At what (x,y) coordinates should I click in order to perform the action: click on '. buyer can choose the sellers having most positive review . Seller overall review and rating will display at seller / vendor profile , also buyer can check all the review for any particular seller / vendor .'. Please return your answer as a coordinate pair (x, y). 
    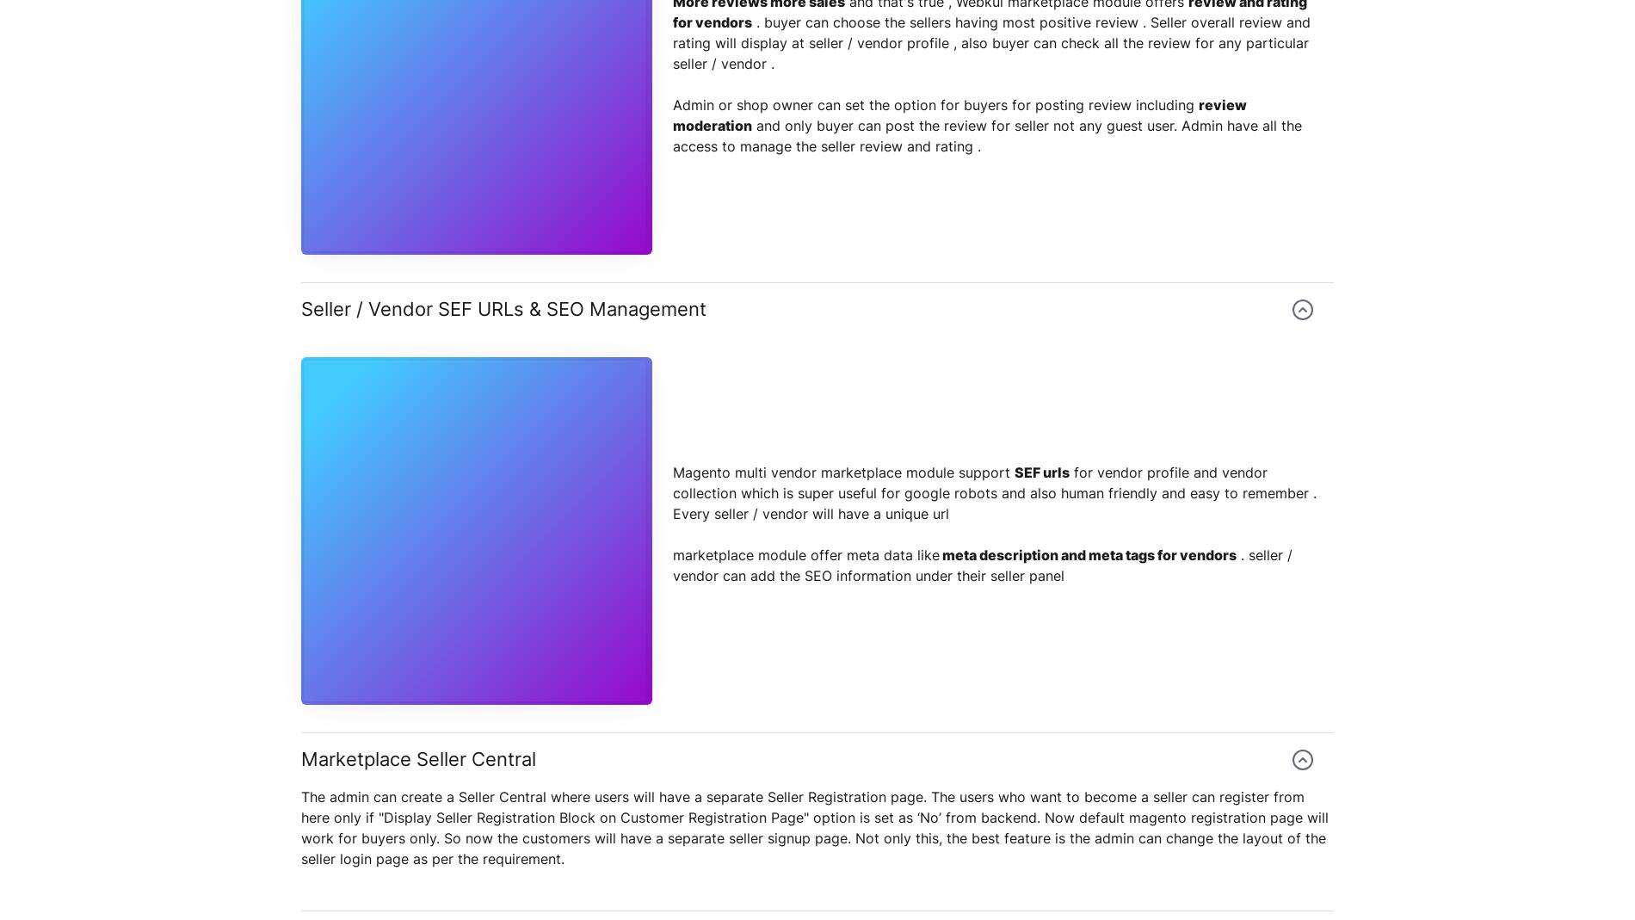
    Looking at the image, I should click on (991, 42).